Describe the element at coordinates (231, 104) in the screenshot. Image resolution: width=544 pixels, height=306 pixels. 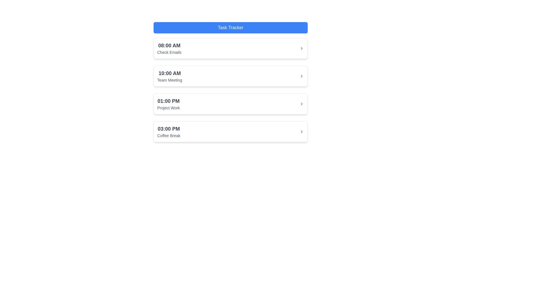
I see `the scheduled task card titled 'Project Work' at '01:00 PM'` at that location.